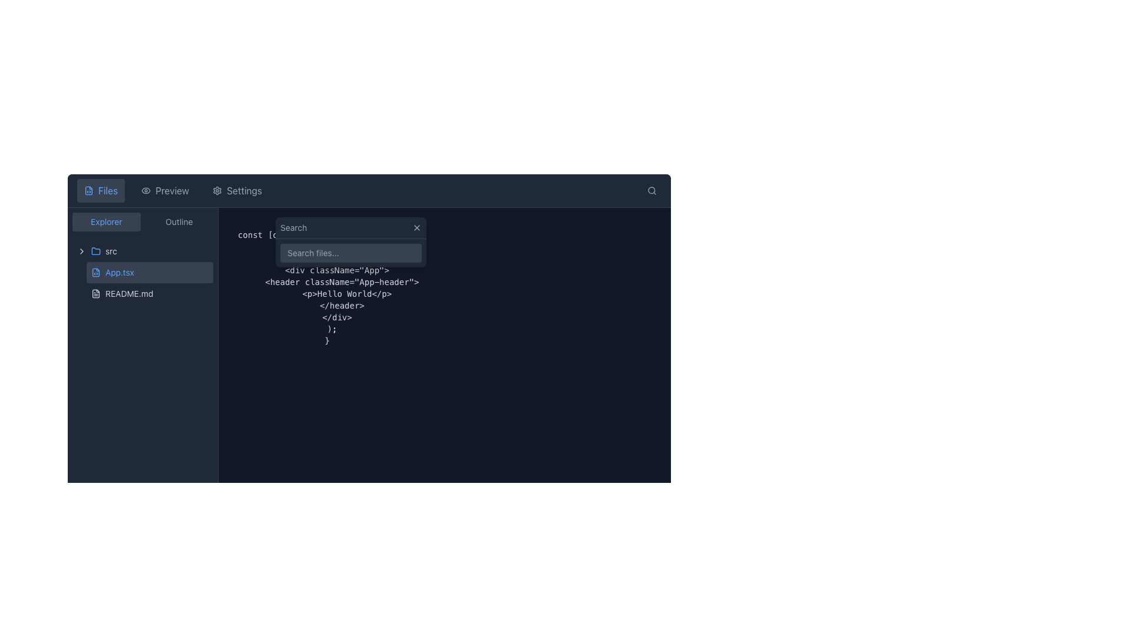 The image size is (1131, 636). I want to click on the navigation button with icon and text located at the top-right corner of the navigation bar, so click(237, 190).